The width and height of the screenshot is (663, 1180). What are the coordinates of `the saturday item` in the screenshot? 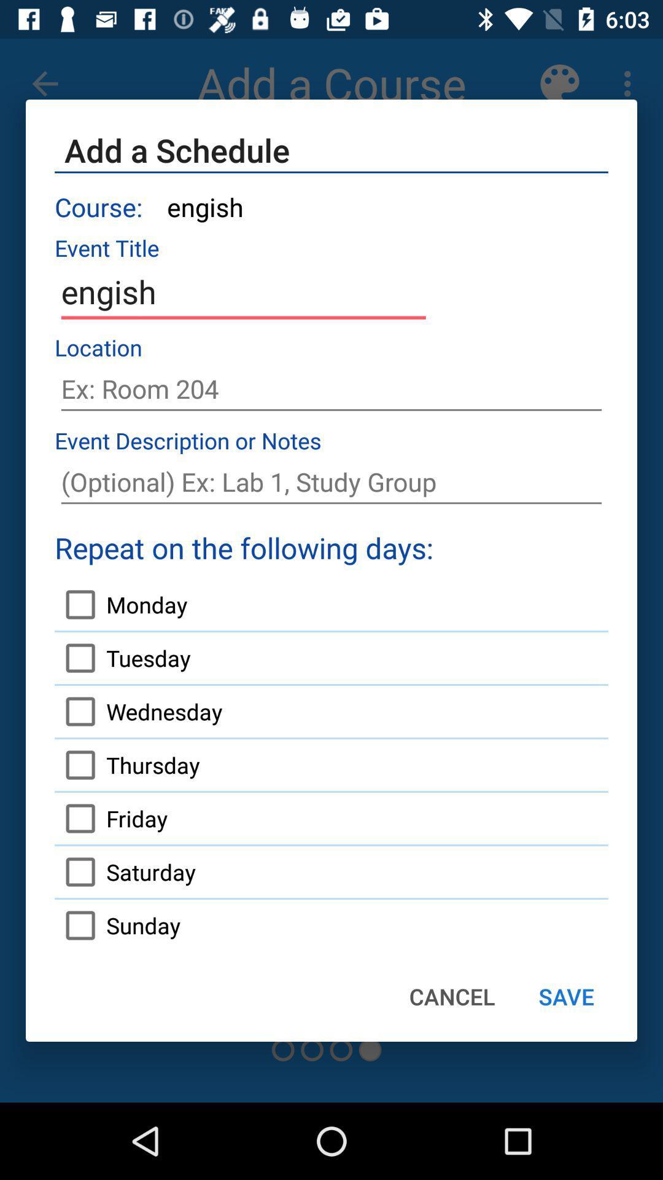 It's located at (125, 871).